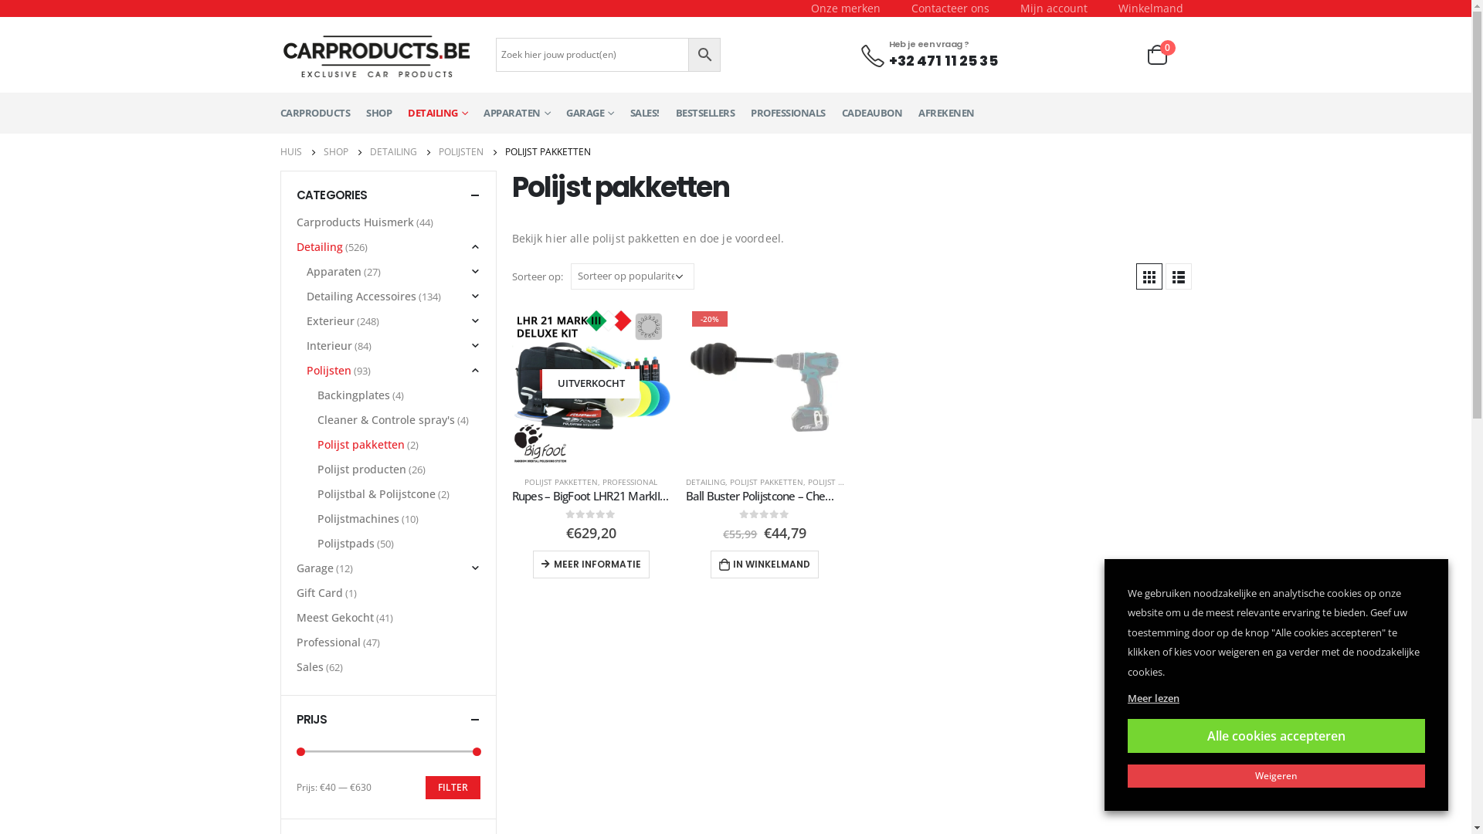 The image size is (1483, 834). I want to click on 'MEER INFORMATIE', so click(590, 564).